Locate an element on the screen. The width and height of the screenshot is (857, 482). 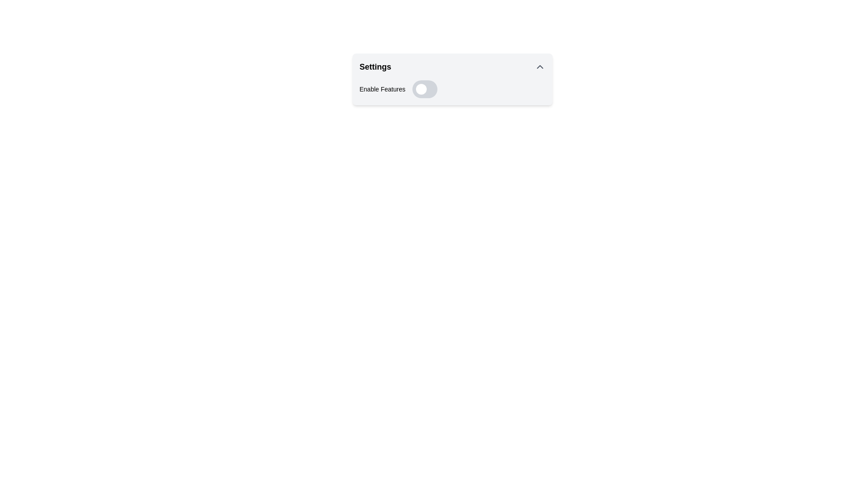
the text label reading 'Enable Features', which is styled in a small font and positioned to the left of a switch component in the settings panel is located at coordinates (382, 89).